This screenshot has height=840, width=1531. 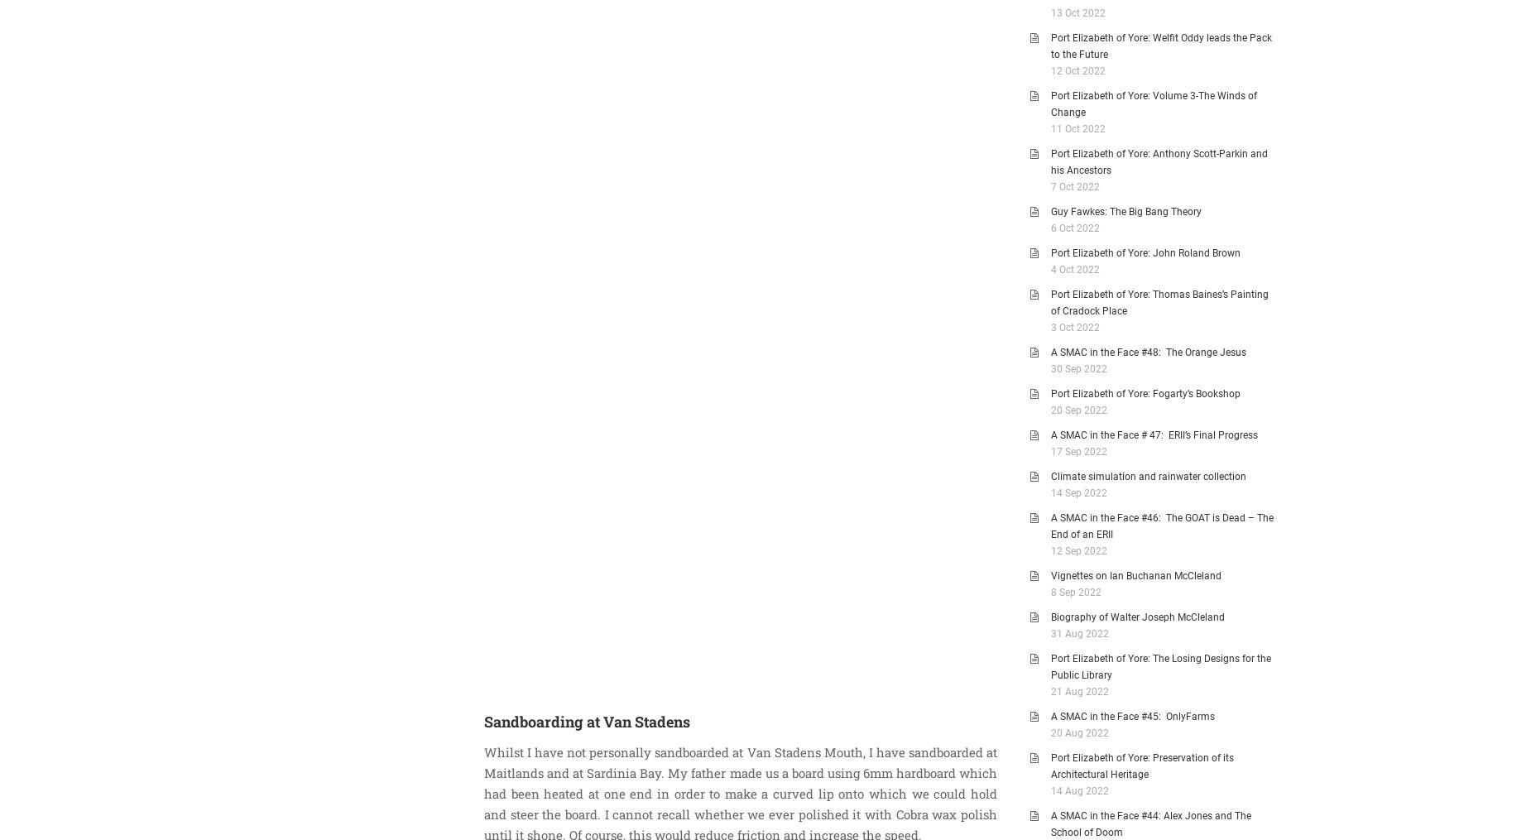 What do you see at coordinates (1050, 128) in the screenshot?
I see `'11 Oct 2022'` at bounding box center [1050, 128].